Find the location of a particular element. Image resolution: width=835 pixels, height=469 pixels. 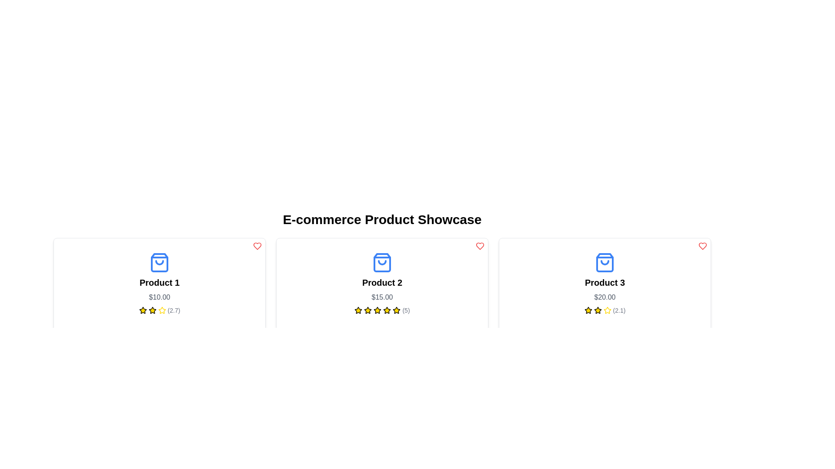

the fifth gold-colored star icon in the five-star rating system for 'Product 2', located below the product details is located at coordinates (396, 310).